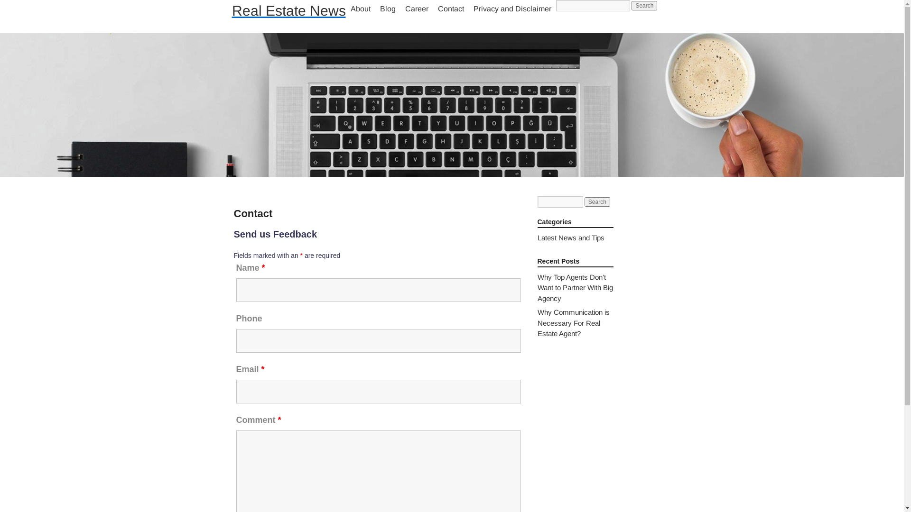  Describe the element at coordinates (644, 5) in the screenshot. I see `'Search'` at that location.